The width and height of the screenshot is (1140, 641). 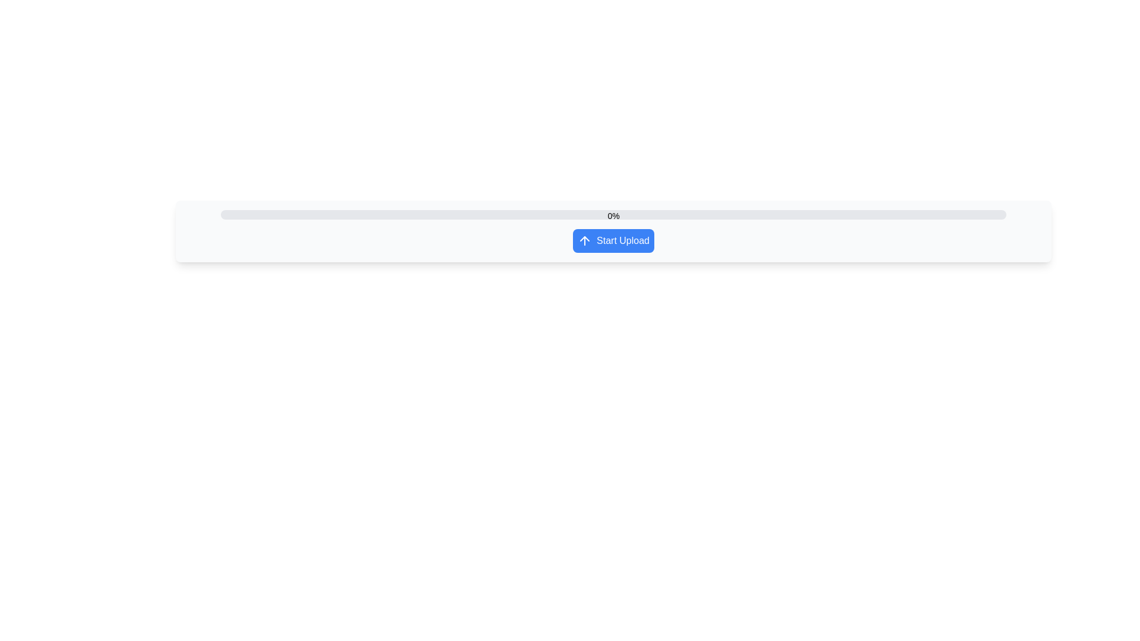 I want to click on the upload arrow icon located to the left of the 'Start Upload' text inside a blue rounded rectangular button, so click(x=584, y=240).